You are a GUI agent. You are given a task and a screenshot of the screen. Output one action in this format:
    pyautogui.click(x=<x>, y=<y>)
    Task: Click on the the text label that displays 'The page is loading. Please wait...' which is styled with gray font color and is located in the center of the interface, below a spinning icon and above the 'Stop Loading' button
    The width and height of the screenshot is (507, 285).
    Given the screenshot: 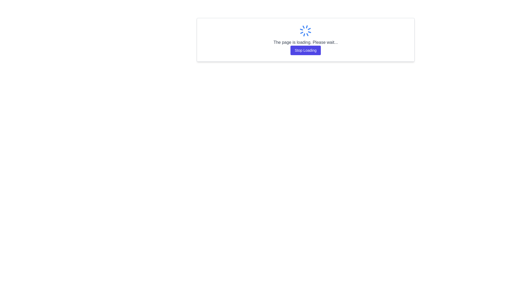 What is the action you would take?
    pyautogui.click(x=306, y=42)
    